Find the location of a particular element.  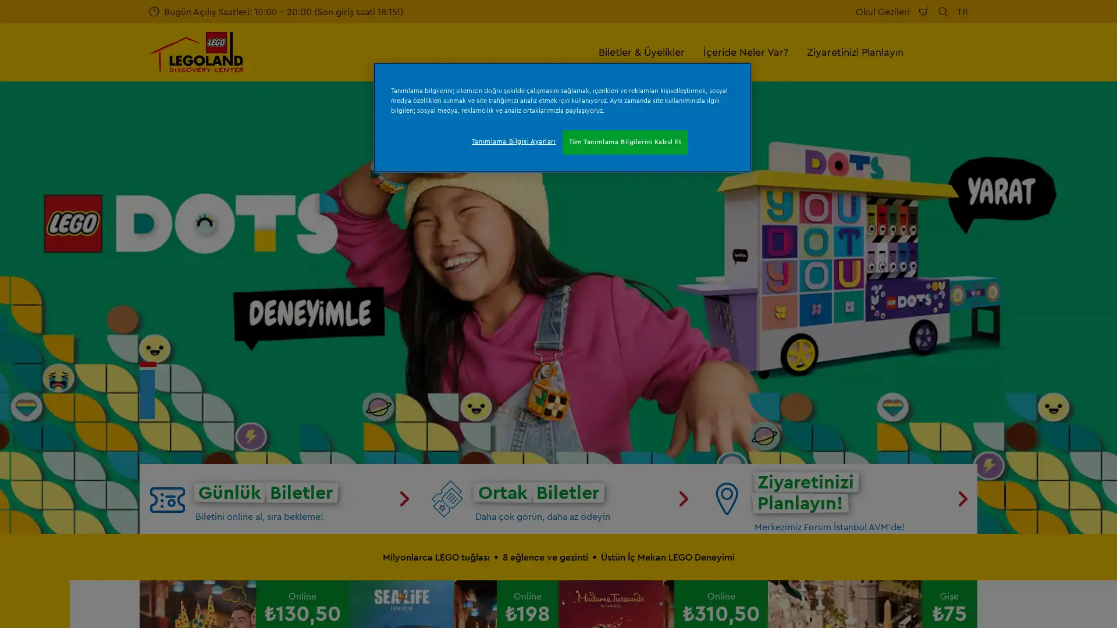

Alsveris kart is located at coordinates (923, 11).